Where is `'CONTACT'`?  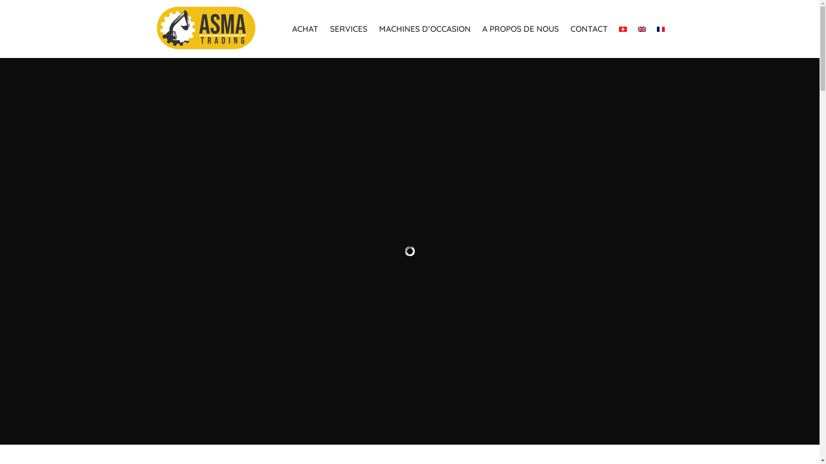 'CONTACT' is located at coordinates (588, 28).